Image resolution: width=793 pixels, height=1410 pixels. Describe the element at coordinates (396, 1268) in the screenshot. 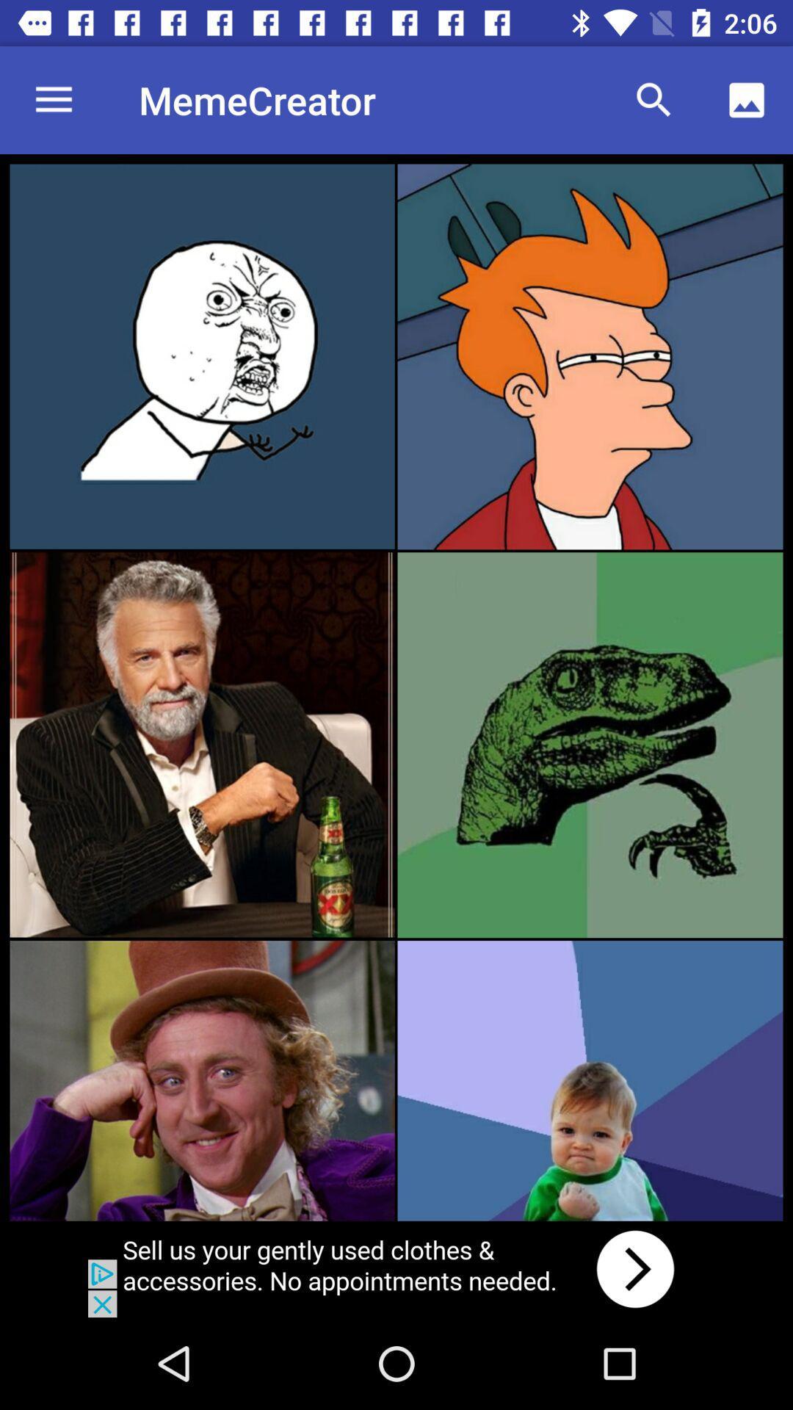

I see `advertisement` at that location.